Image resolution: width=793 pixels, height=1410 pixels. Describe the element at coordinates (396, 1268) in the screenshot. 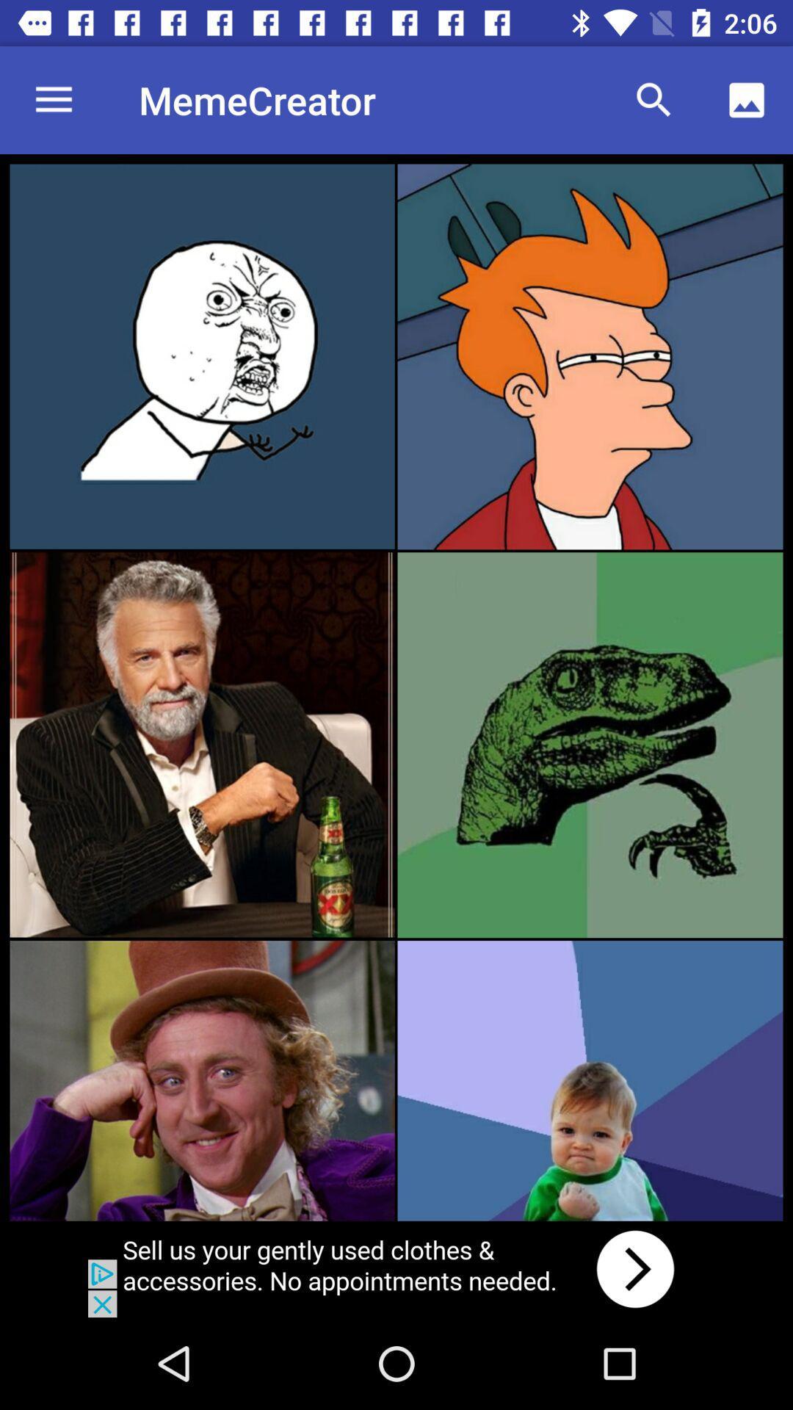

I see `advertisement` at that location.